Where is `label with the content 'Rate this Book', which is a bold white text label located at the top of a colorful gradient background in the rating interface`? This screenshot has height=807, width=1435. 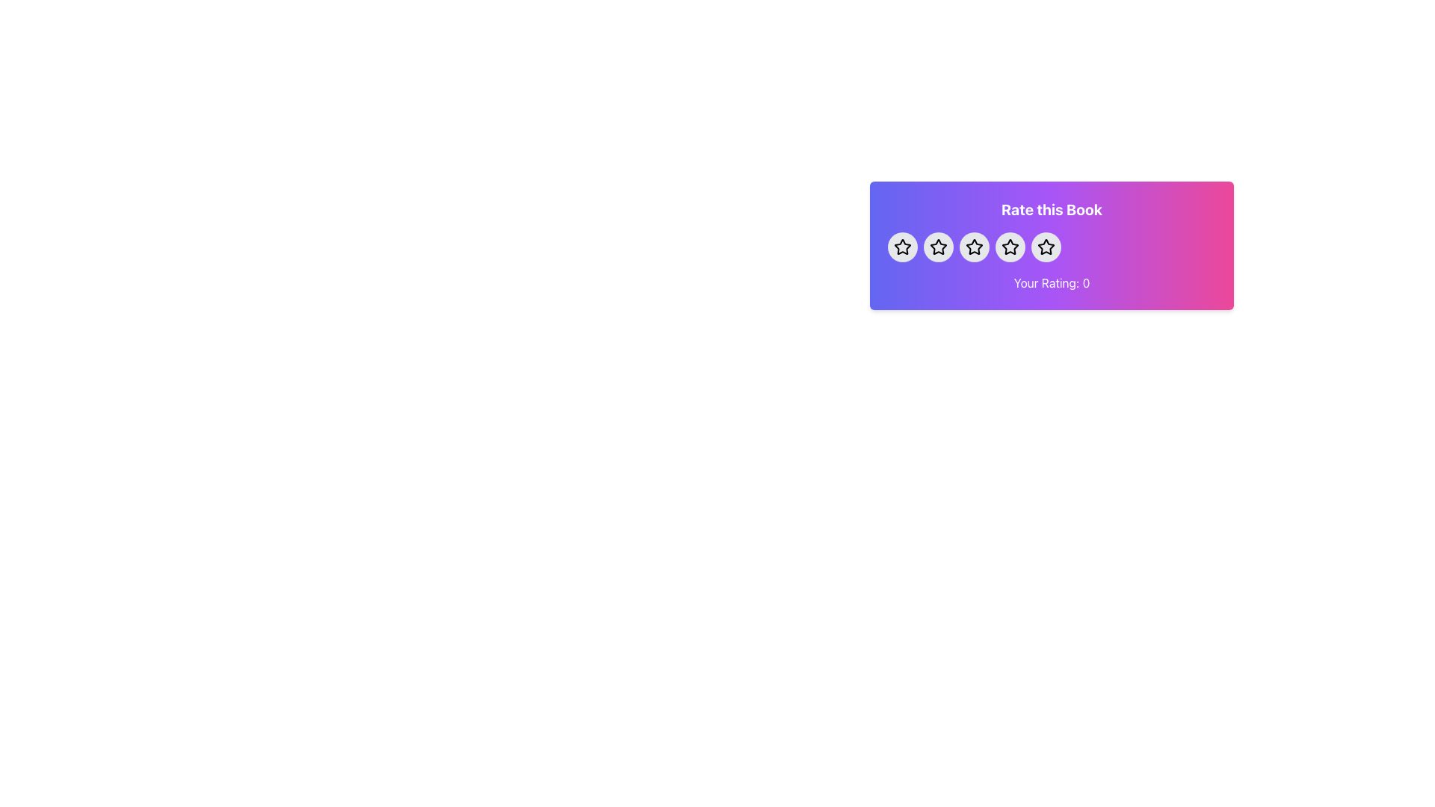 label with the content 'Rate this Book', which is a bold white text label located at the top of a colorful gradient background in the rating interface is located at coordinates (1051, 210).